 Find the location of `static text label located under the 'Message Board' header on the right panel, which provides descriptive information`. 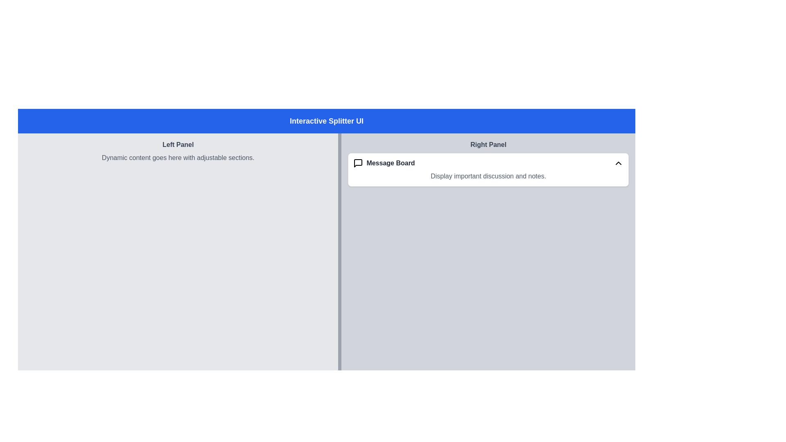

static text label located under the 'Message Board' header on the right panel, which provides descriptive information is located at coordinates (488, 176).